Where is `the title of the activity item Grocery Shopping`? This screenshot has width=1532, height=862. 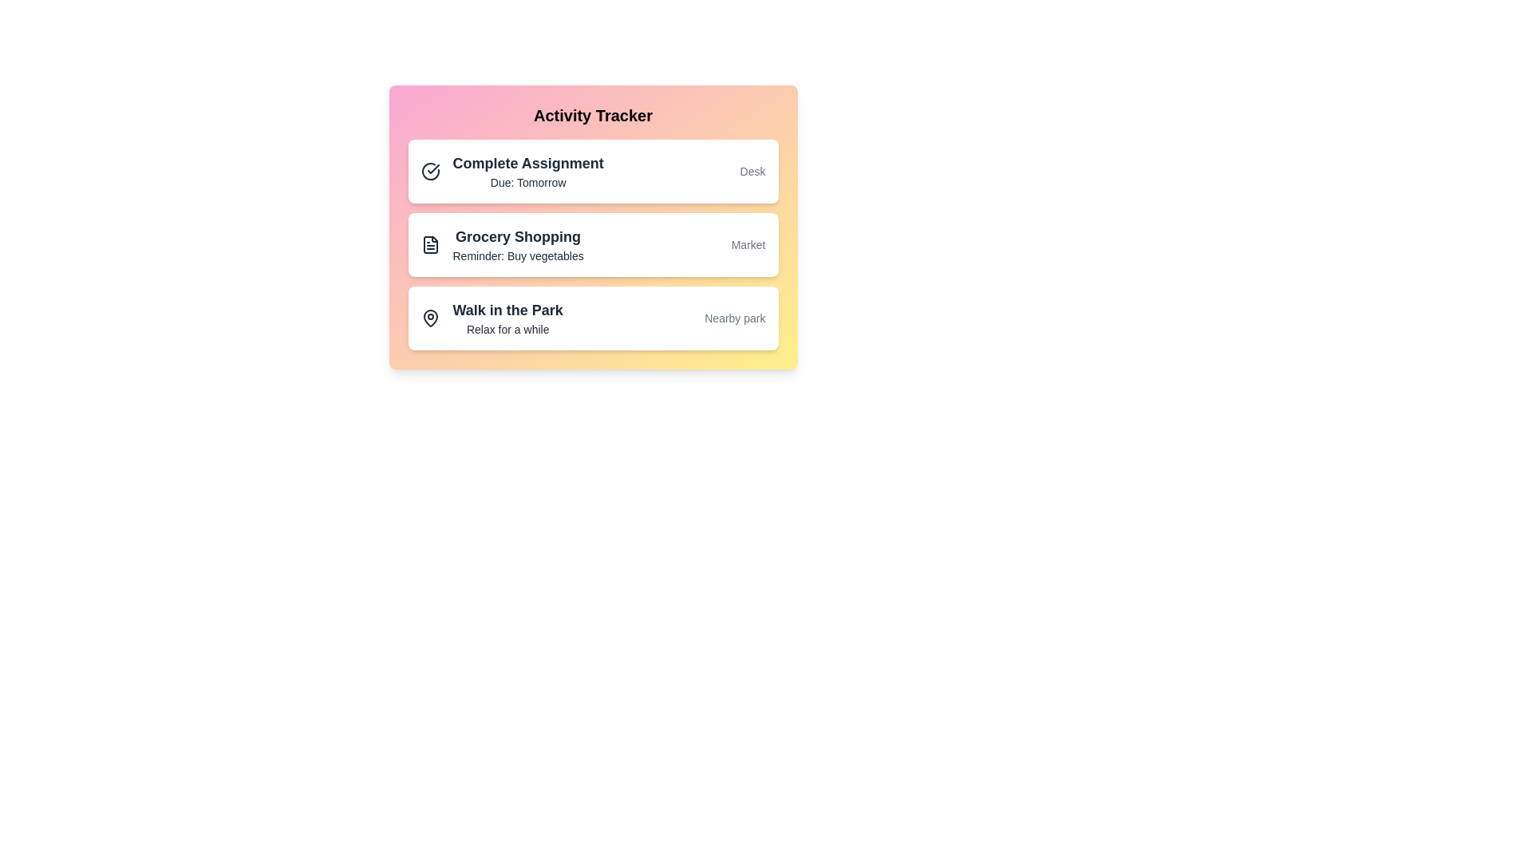
the title of the activity item Grocery Shopping is located at coordinates (518, 237).